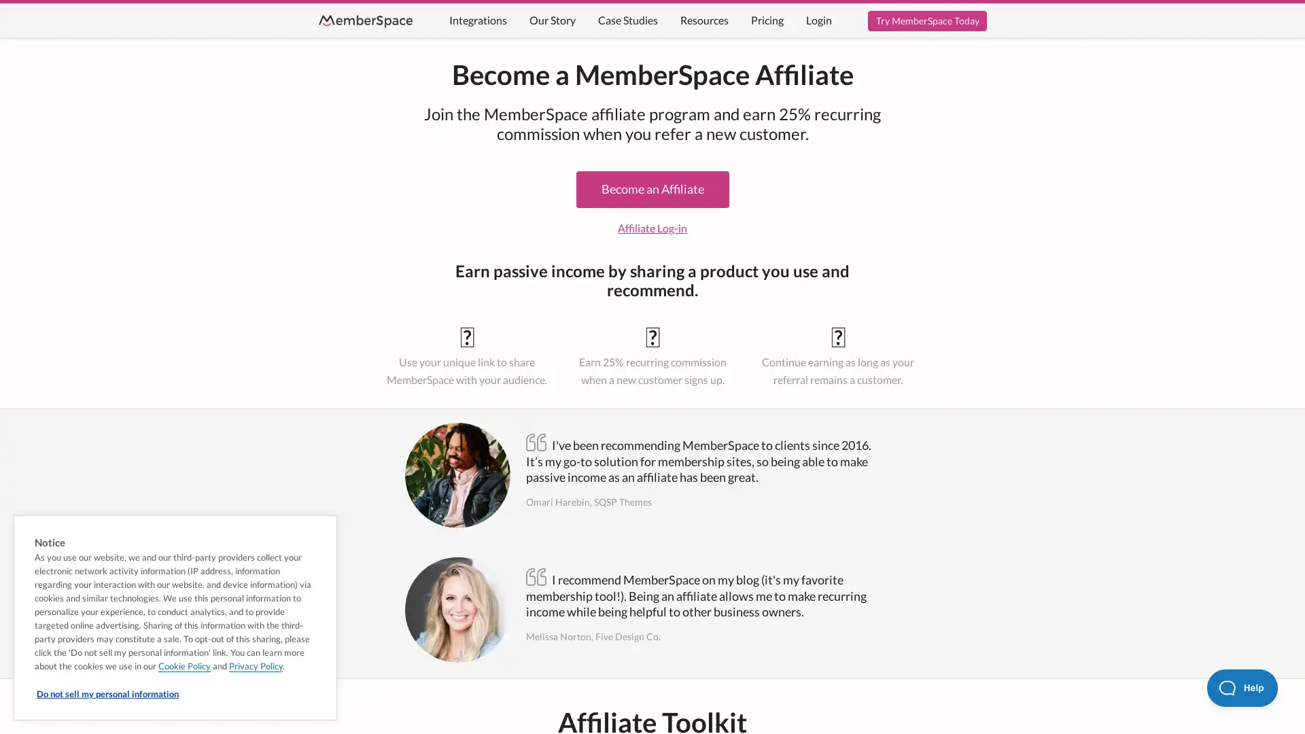  I want to click on consent-close-icon, so click(320, 529).